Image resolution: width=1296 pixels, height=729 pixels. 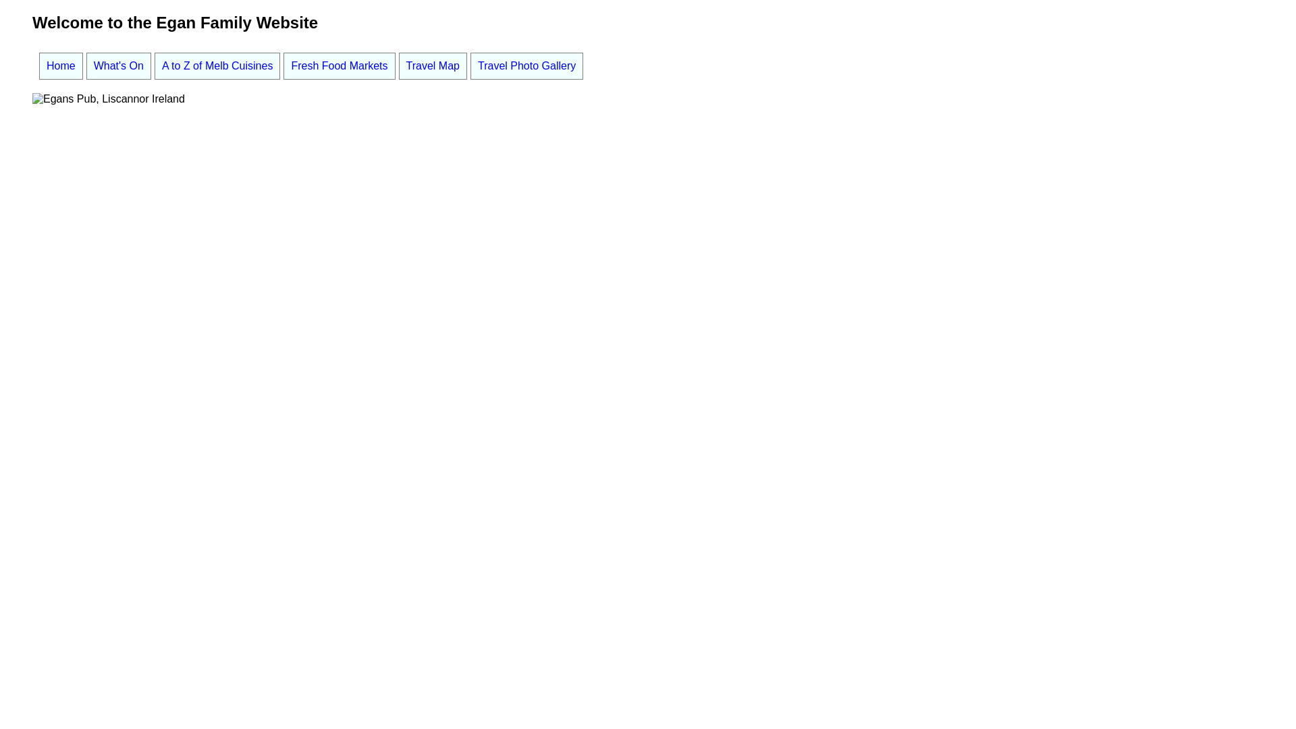 I want to click on 'Egans Pub, Liscannor Ireland', so click(x=109, y=98).